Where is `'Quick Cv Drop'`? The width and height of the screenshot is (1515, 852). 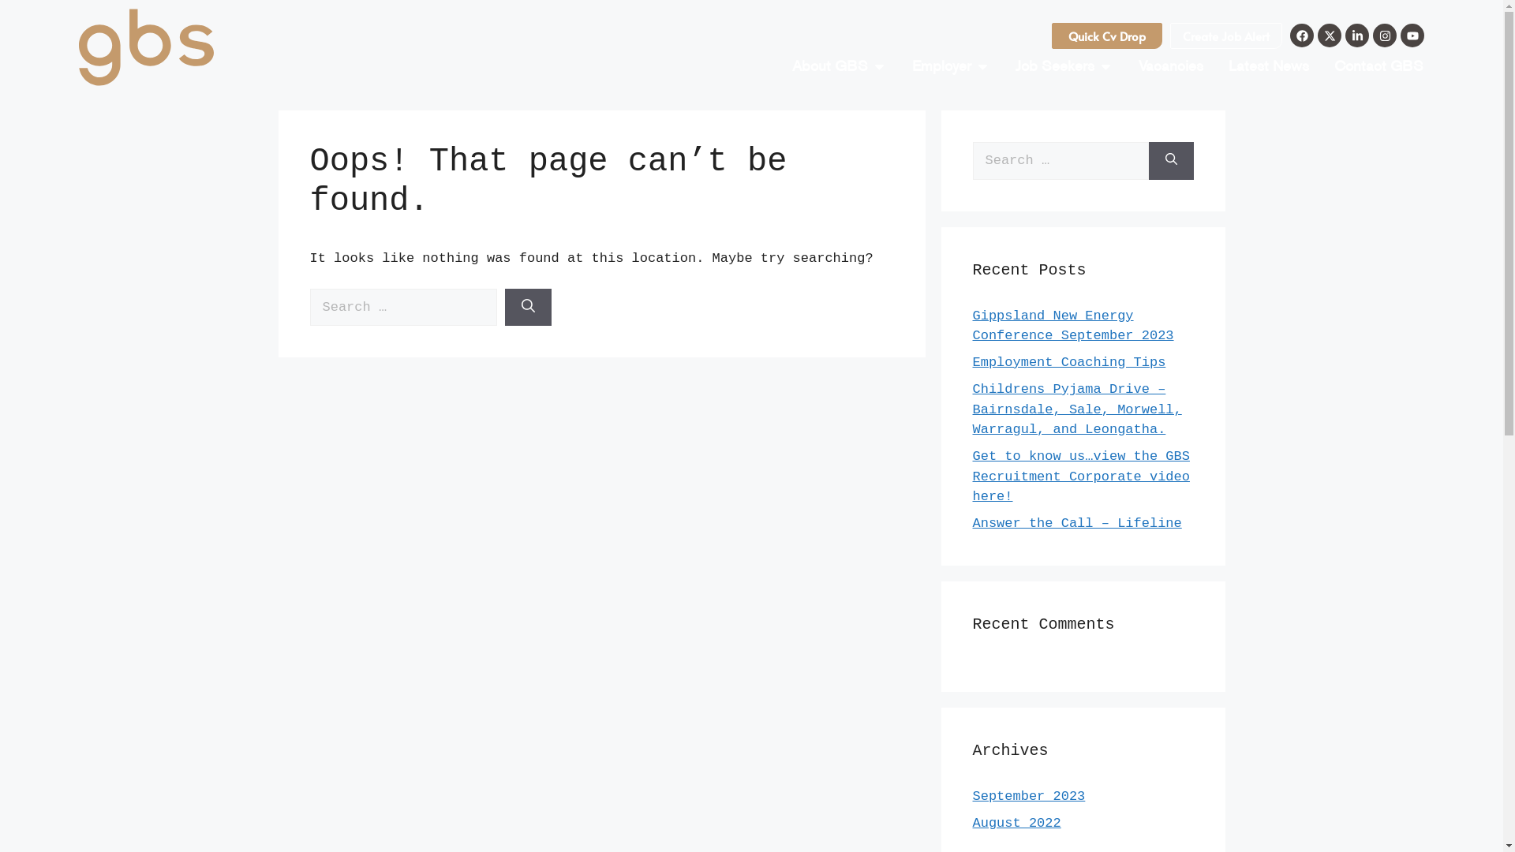
'Quick Cv Drop' is located at coordinates (1105, 35).